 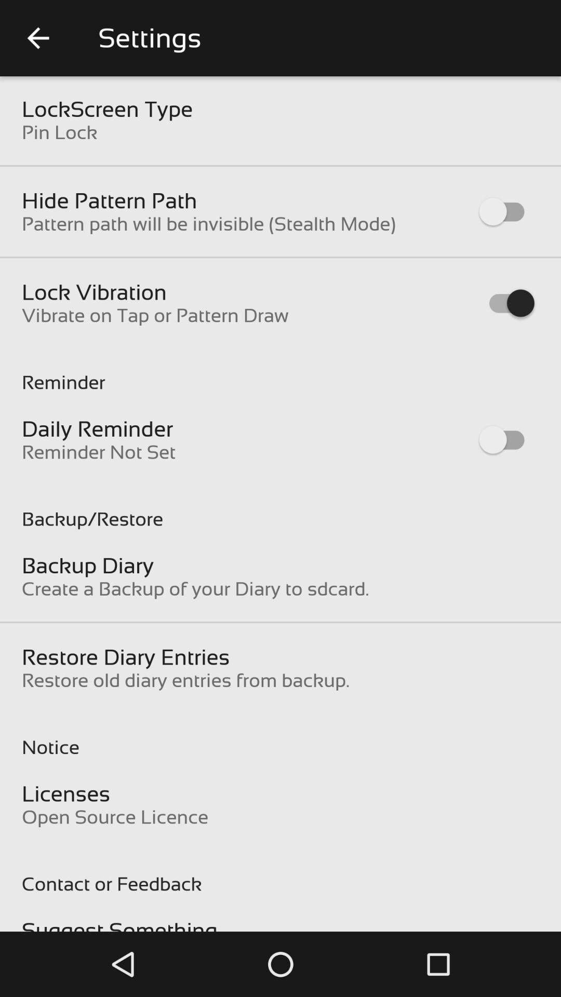 I want to click on the daily reminder icon, so click(x=97, y=429).